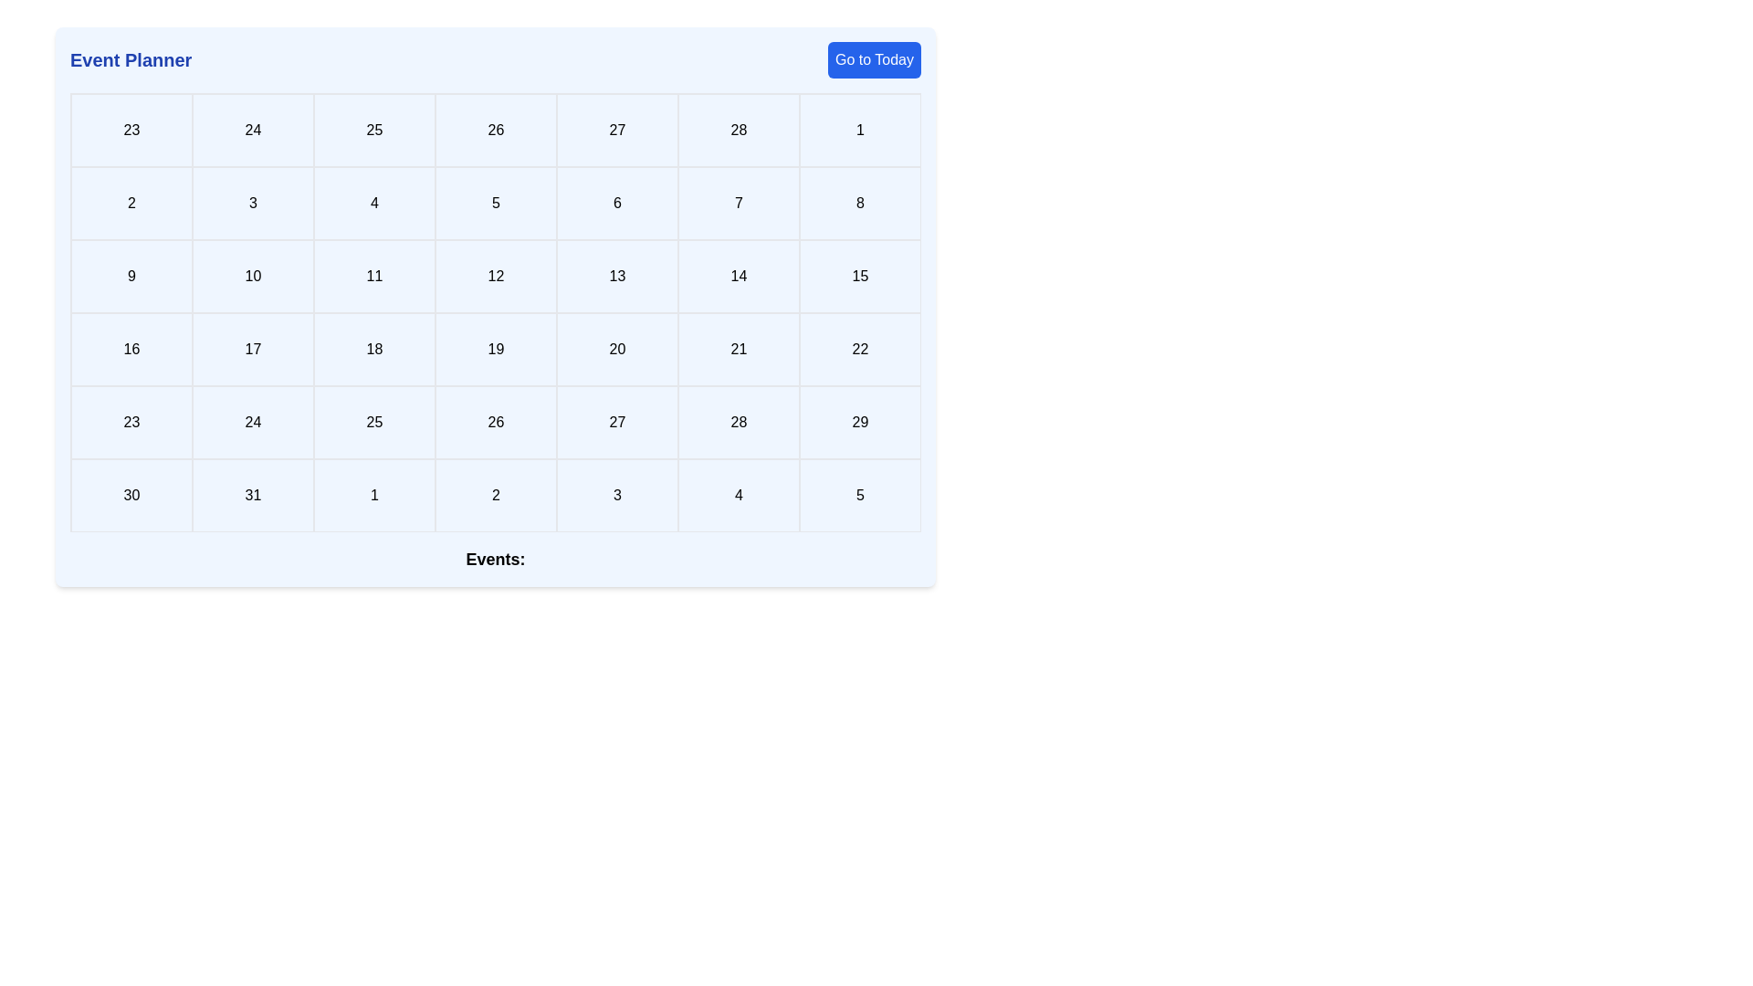  Describe the element at coordinates (496, 496) in the screenshot. I see `the selectable date button located in the fourth column of the last row in the calendar layout` at that location.